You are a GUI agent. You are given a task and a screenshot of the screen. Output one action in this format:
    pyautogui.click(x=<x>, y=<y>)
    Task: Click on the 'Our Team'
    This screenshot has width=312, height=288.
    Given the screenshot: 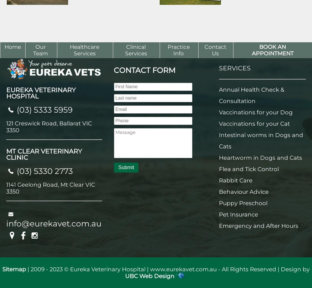 What is the action you would take?
    pyautogui.click(x=40, y=50)
    